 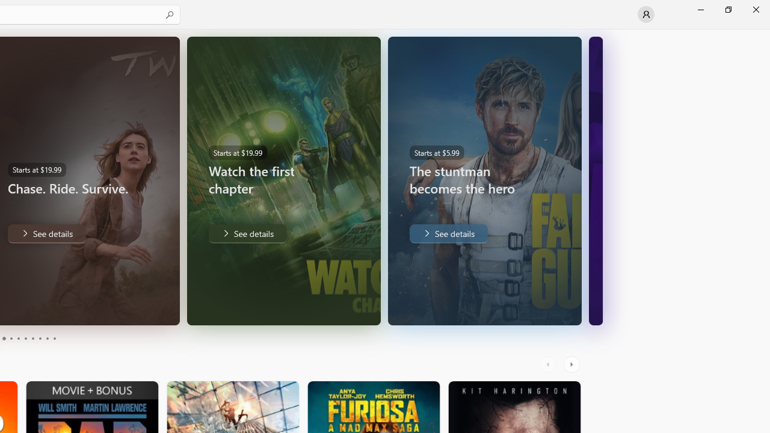 I want to click on 'Page 3', so click(x=3, y=339).